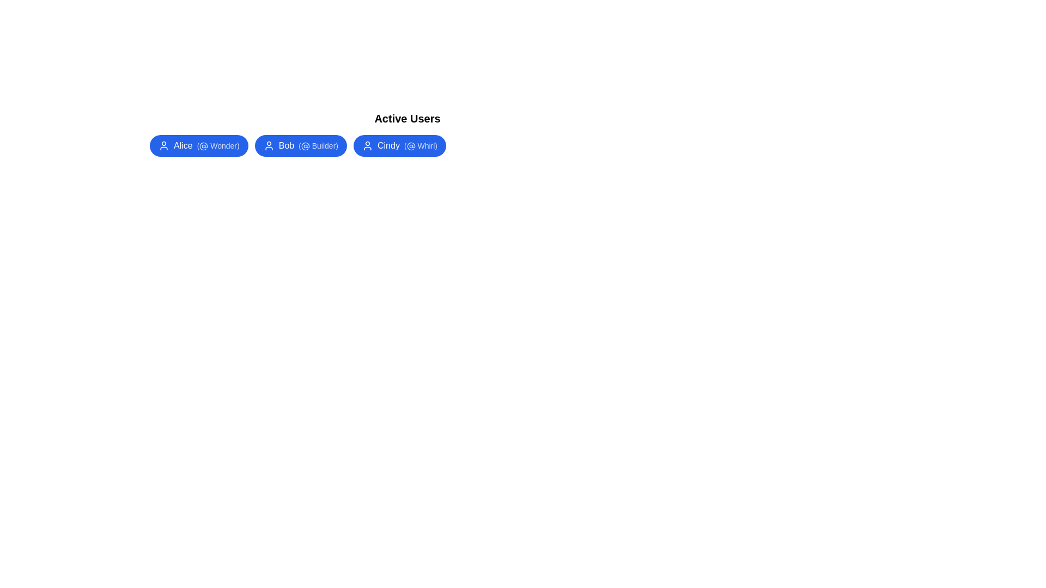 The width and height of the screenshot is (1046, 588). I want to click on the user chip for Bob, so click(301, 145).